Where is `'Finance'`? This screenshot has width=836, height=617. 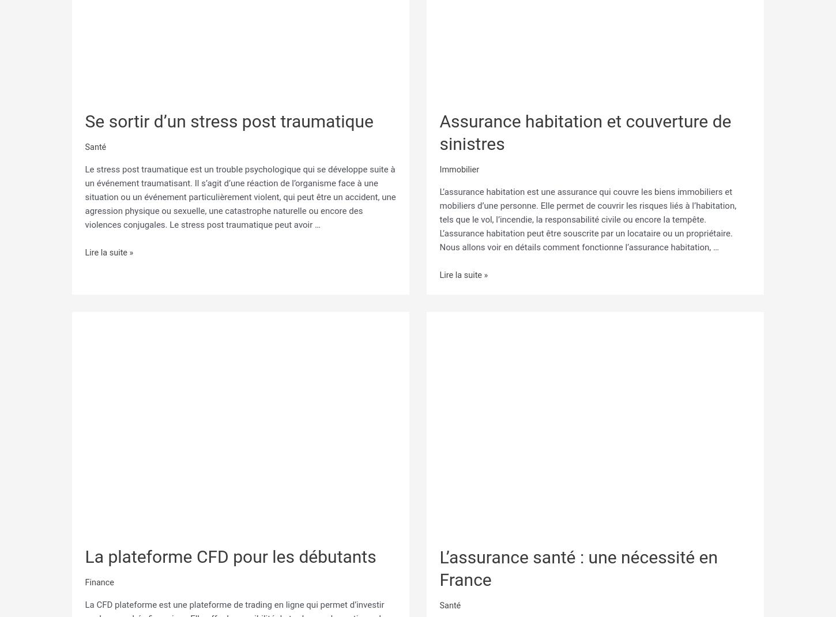
'Finance' is located at coordinates (99, 581).